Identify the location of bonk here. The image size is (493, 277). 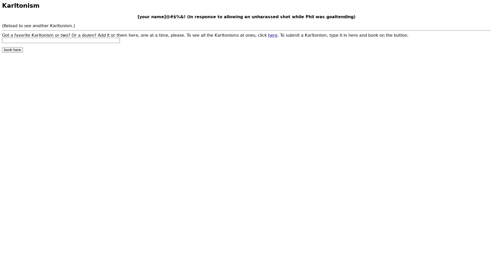
(12, 50).